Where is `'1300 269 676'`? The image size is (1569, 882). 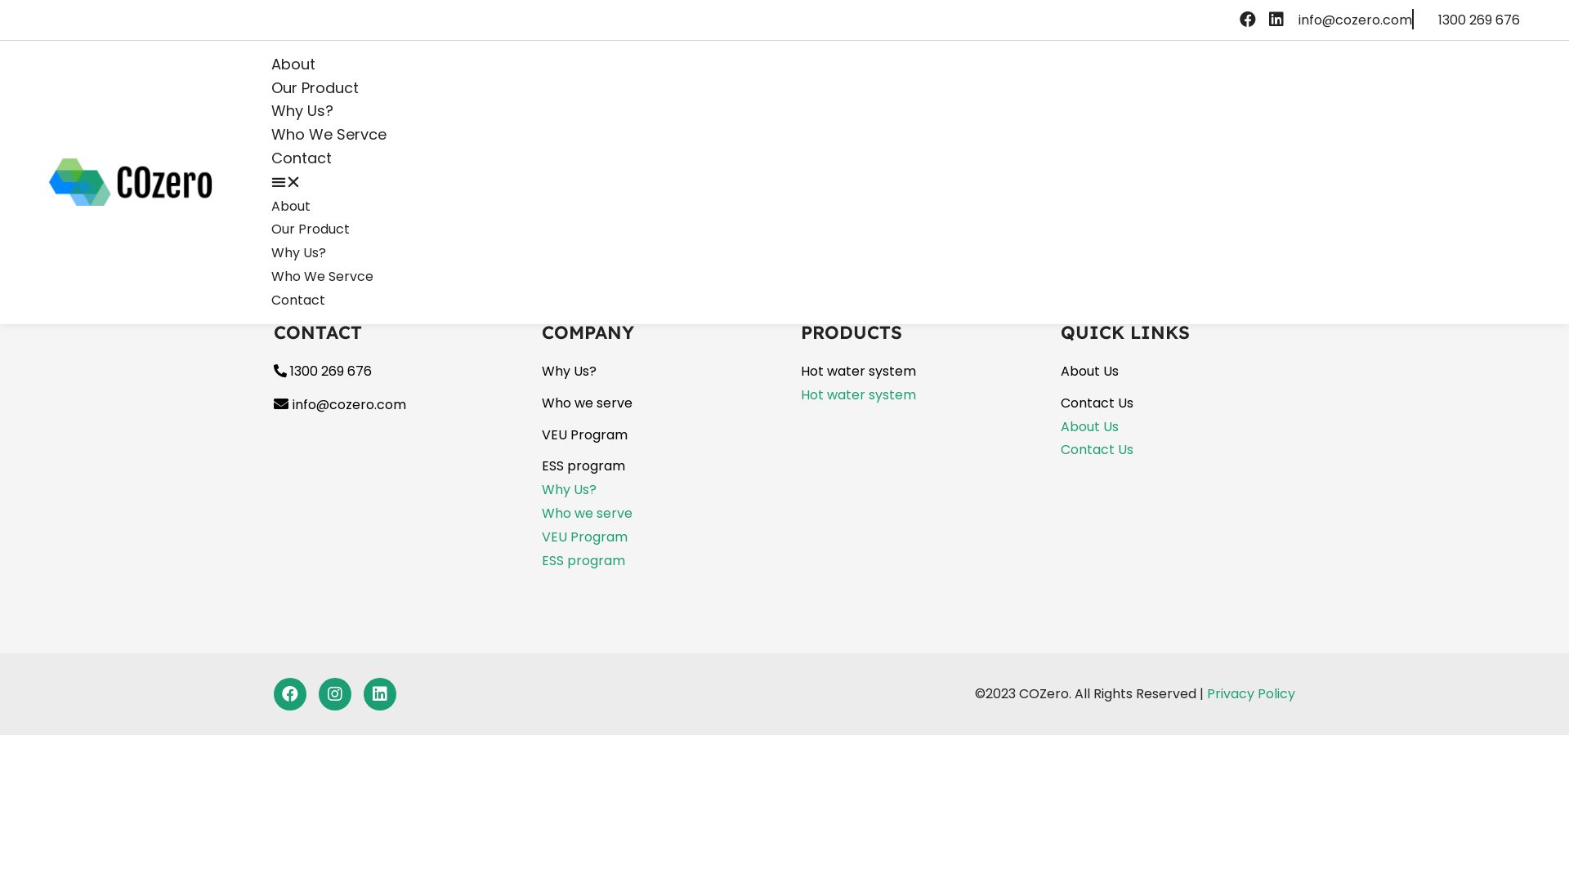 '1300 269 676' is located at coordinates (1438, 20).